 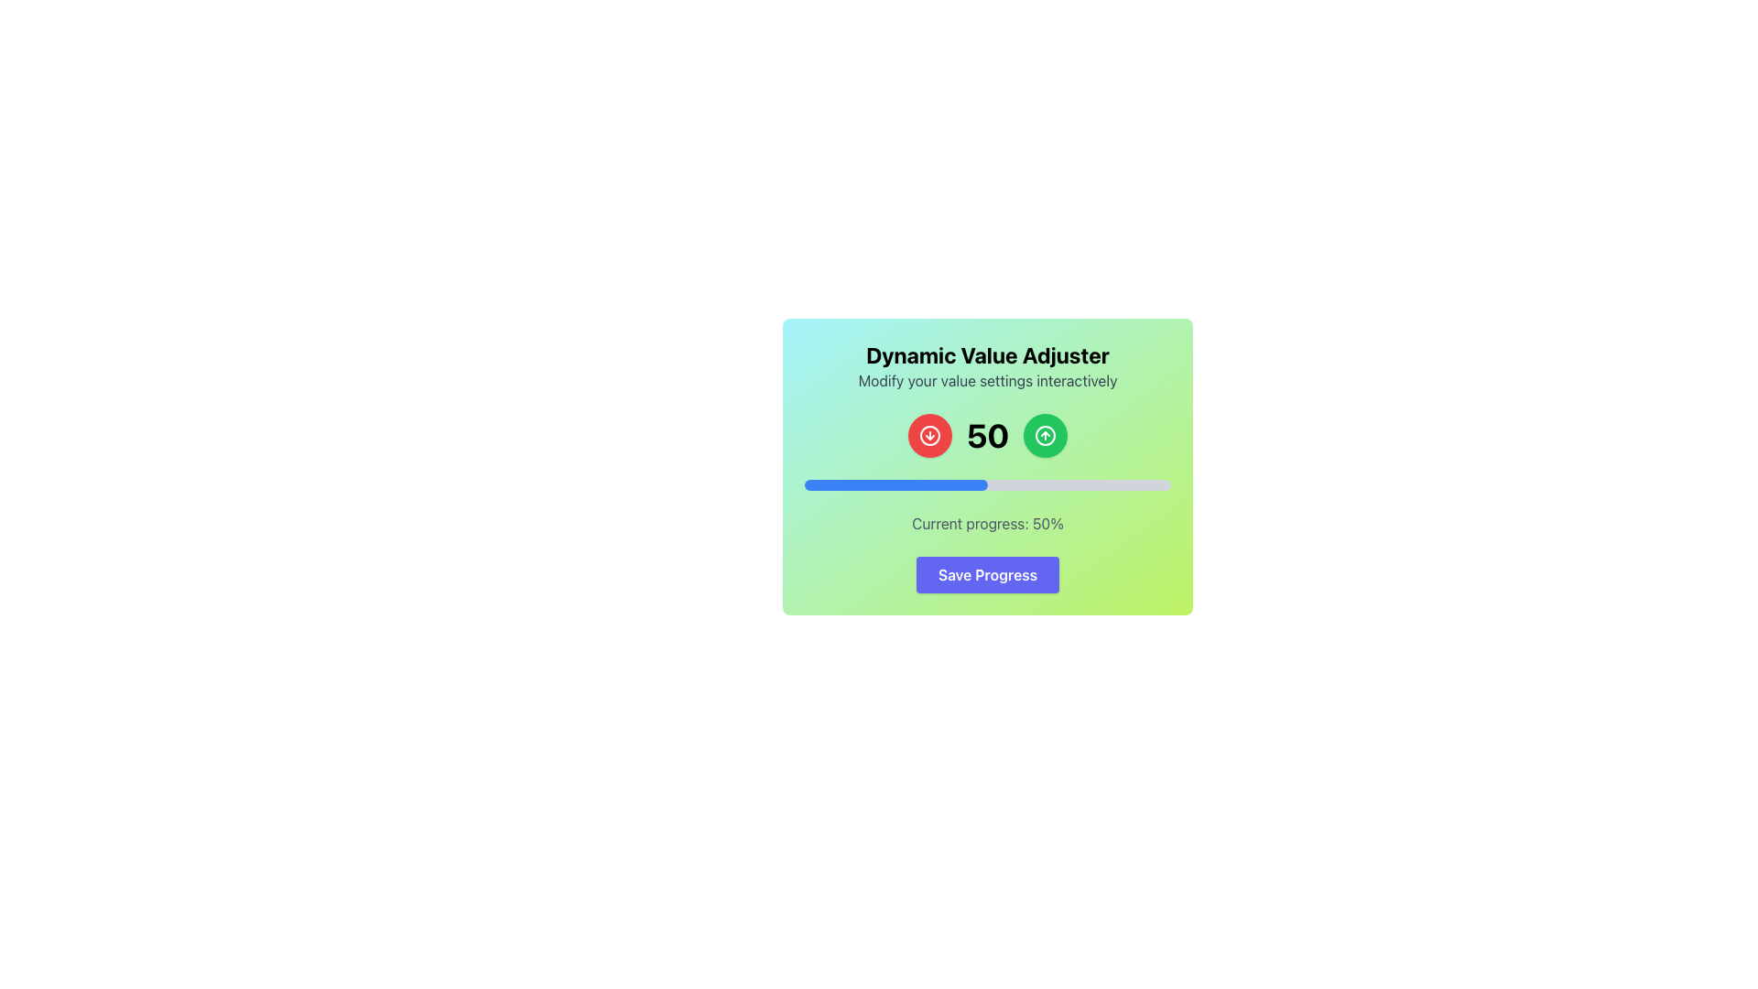 What do you see at coordinates (987, 574) in the screenshot?
I see `the save progress button located beneath the text 'Current progress: 50%'` at bounding box center [987, 574].